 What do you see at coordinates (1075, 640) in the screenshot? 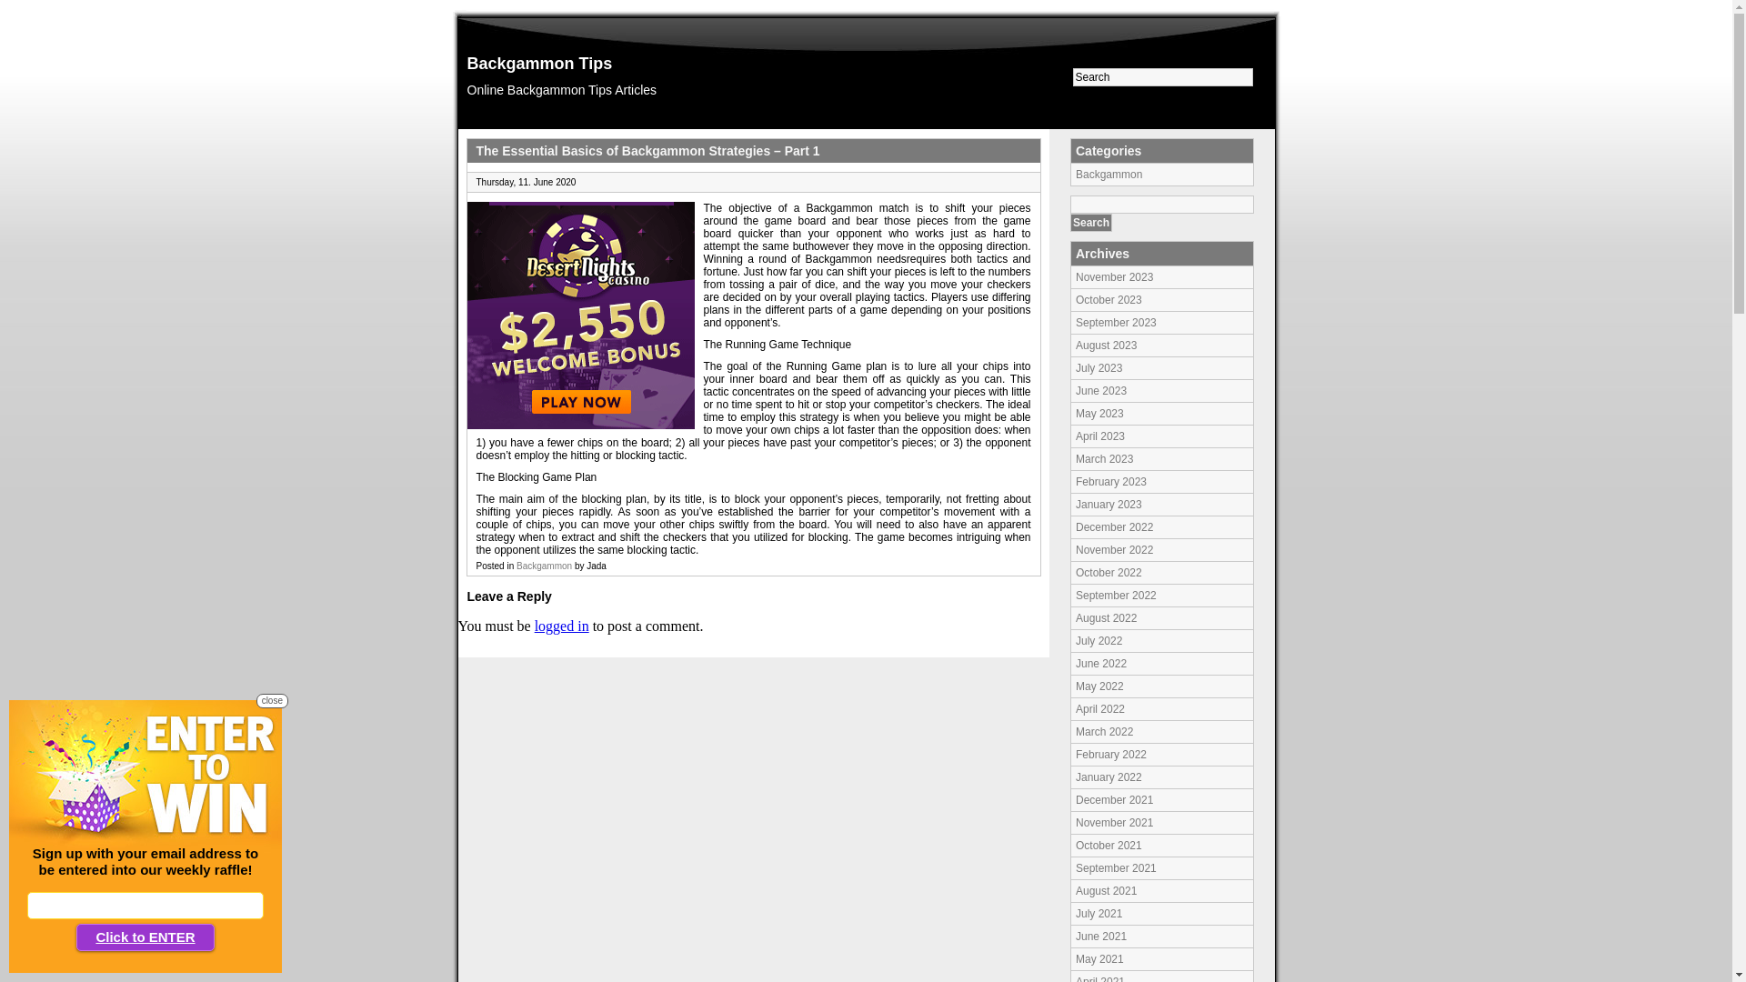
I see `'July 2022'` at bounding box center [1075, 640].